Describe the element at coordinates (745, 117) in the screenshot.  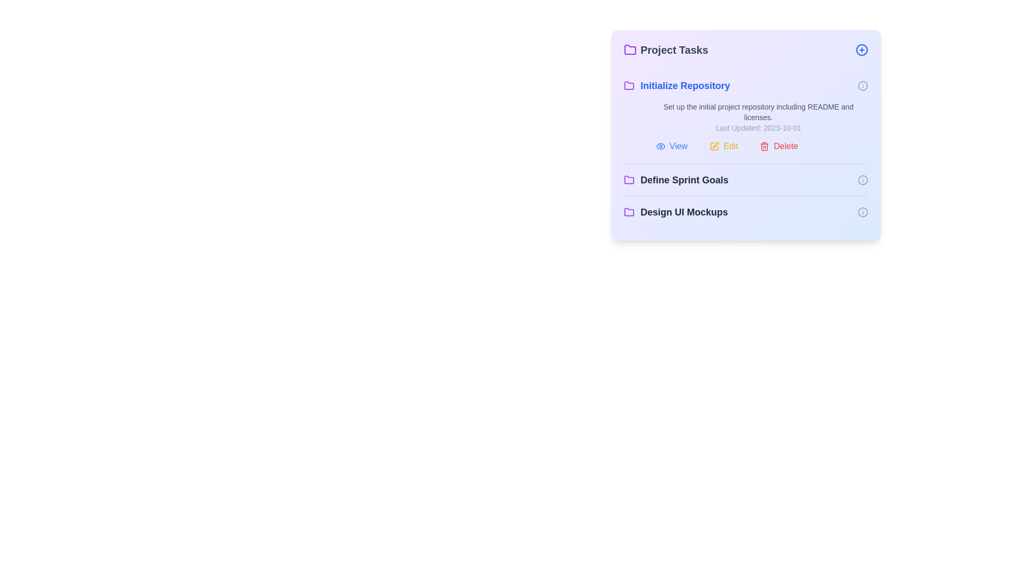
I see `the 'Edit' link in the Information block for modifying the repository setup details, which is the first task entry in the 'Project Tasks' list` at that location.